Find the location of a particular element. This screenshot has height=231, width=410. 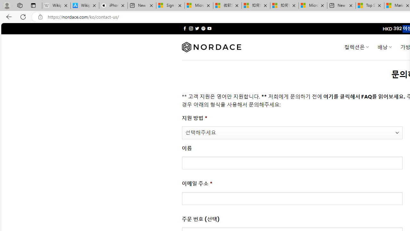

'Personal Profile' is located at coordinates (7, 5).